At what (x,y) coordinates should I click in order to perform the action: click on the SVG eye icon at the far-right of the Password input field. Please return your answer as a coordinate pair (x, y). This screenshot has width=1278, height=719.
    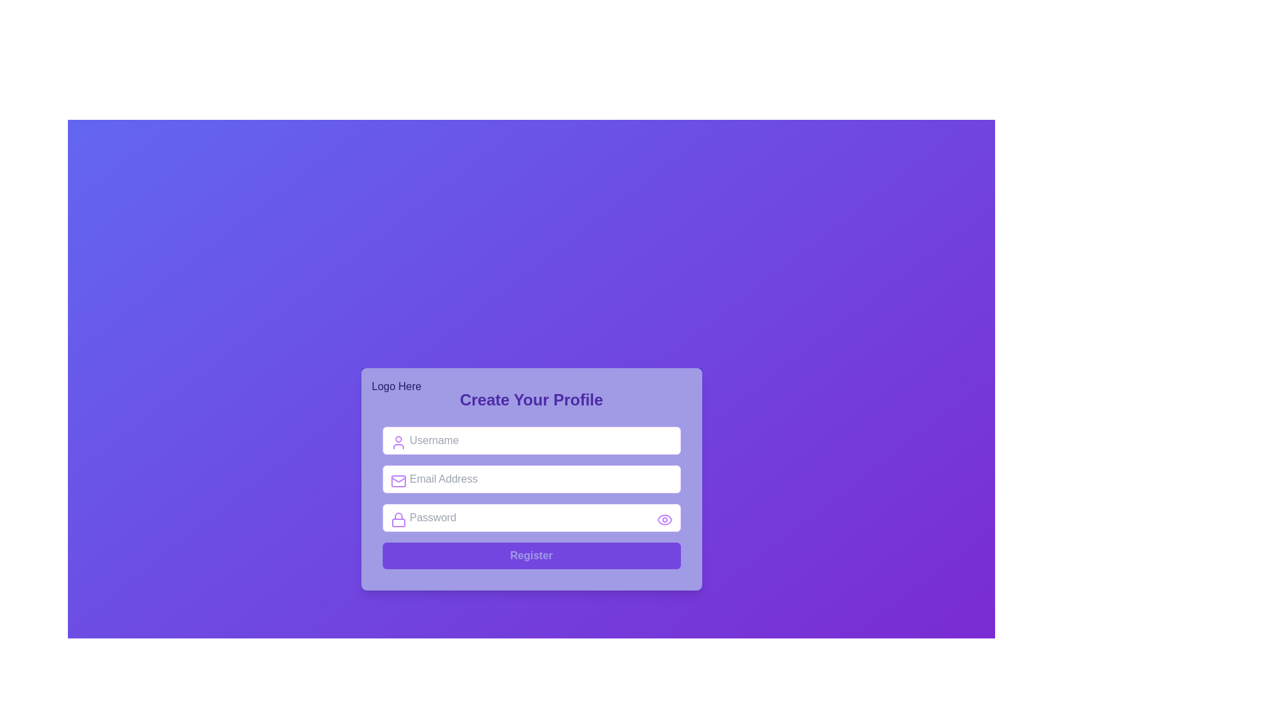
    Looking at the image, I should click on (664, 519).